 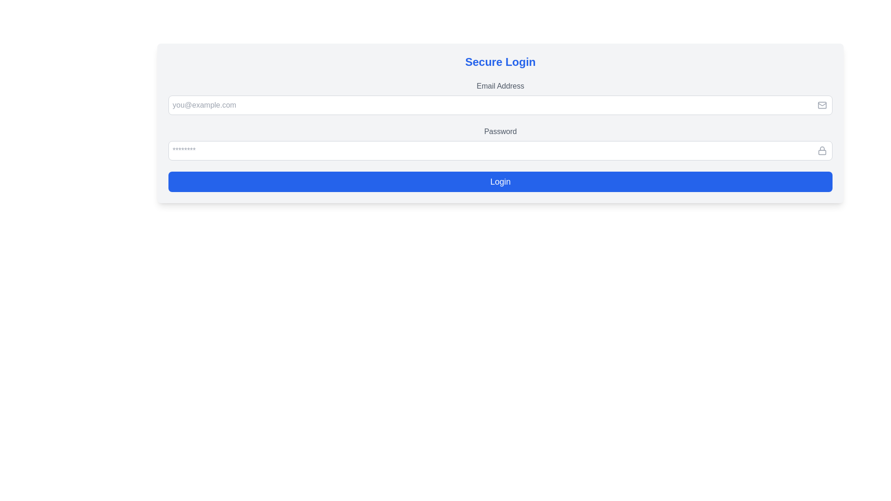 What do you see at coordinates (500, 62) in the screenshot?
I see `the 'Secure Login' text label, which is displayed in a large, bold, blue font at the top of the login form interface` at bounding box center [500, 62].